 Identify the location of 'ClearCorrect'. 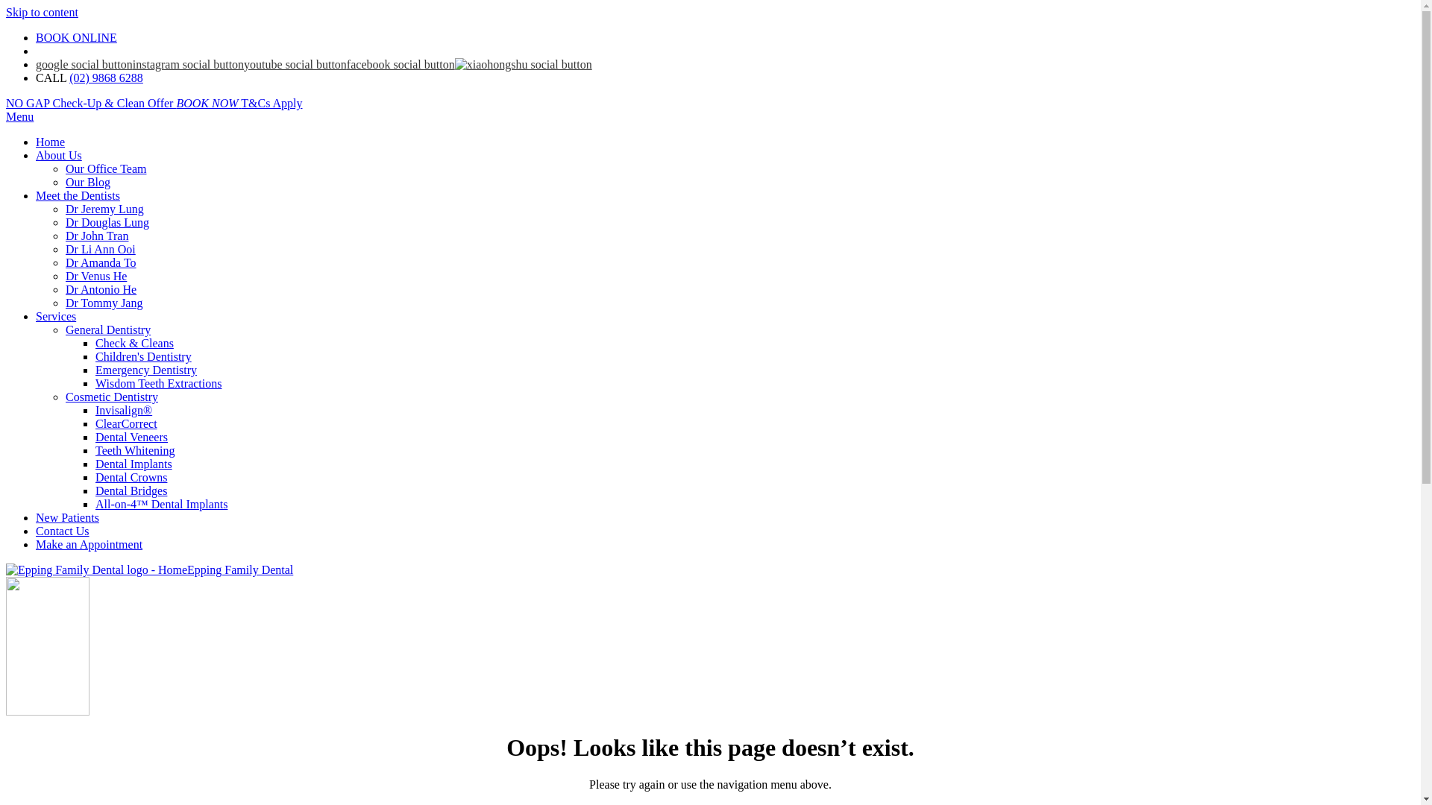
(95, 423).